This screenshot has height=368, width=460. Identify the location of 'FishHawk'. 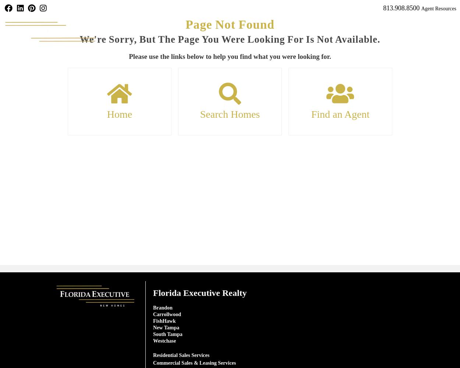
(164, 320).